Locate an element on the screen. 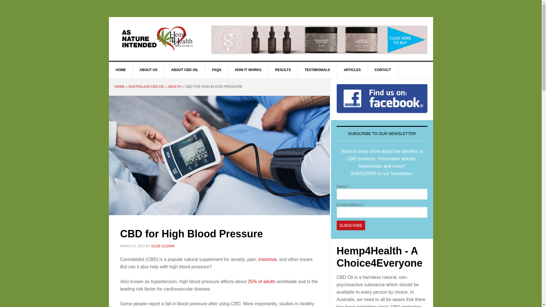 The width and height of the screenshot is (546, 307). 'HEMP4HEALTH' is located at coordinates (157, 38).